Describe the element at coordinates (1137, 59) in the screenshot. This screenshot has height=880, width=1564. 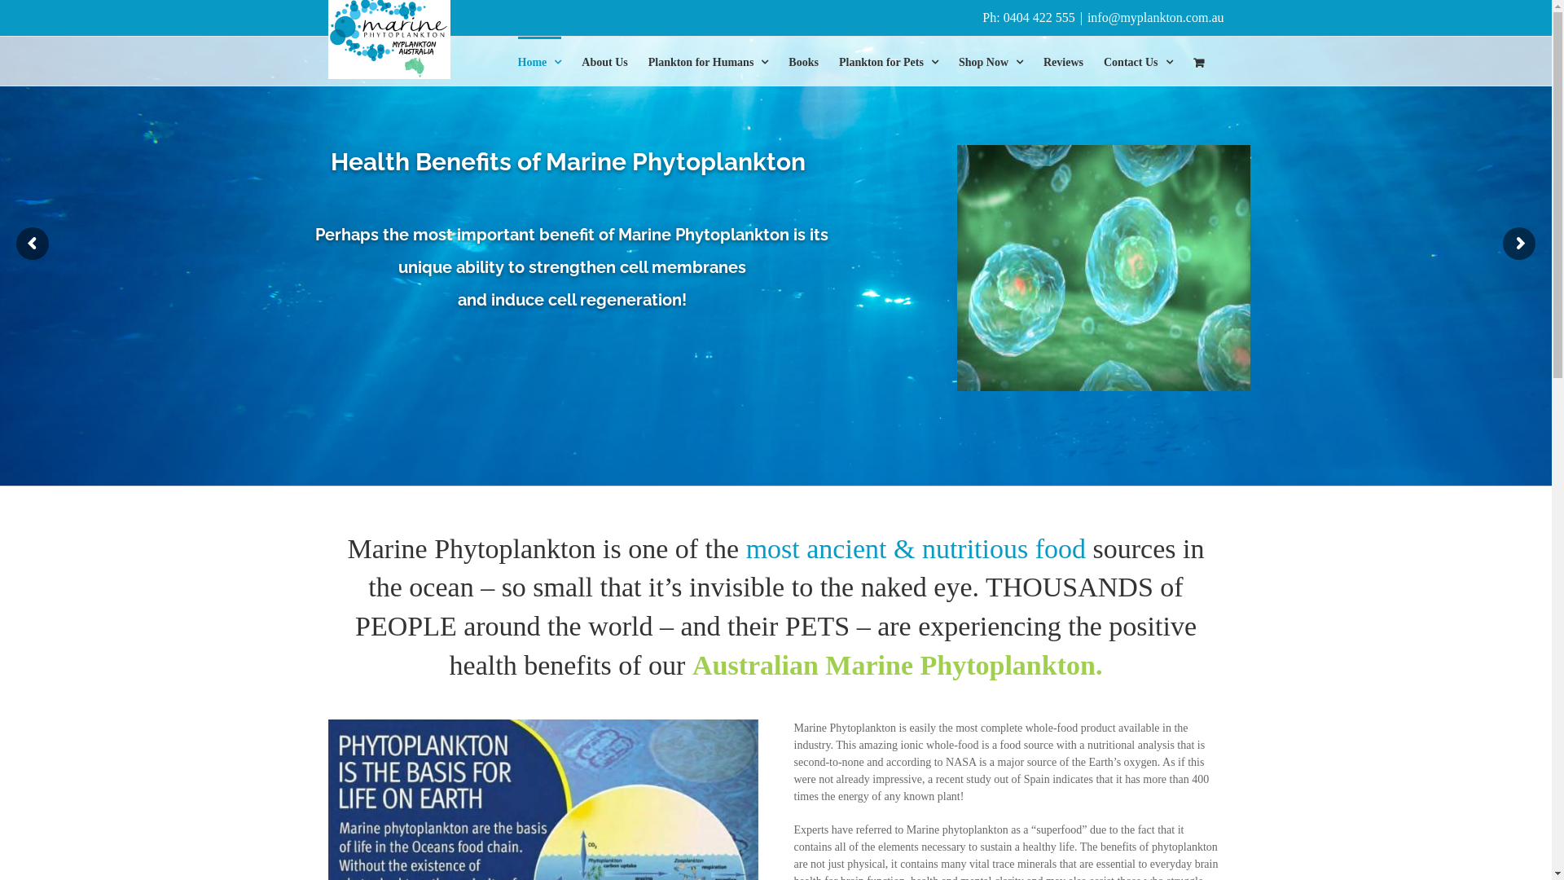
I see `'Contact Us'` at that location.